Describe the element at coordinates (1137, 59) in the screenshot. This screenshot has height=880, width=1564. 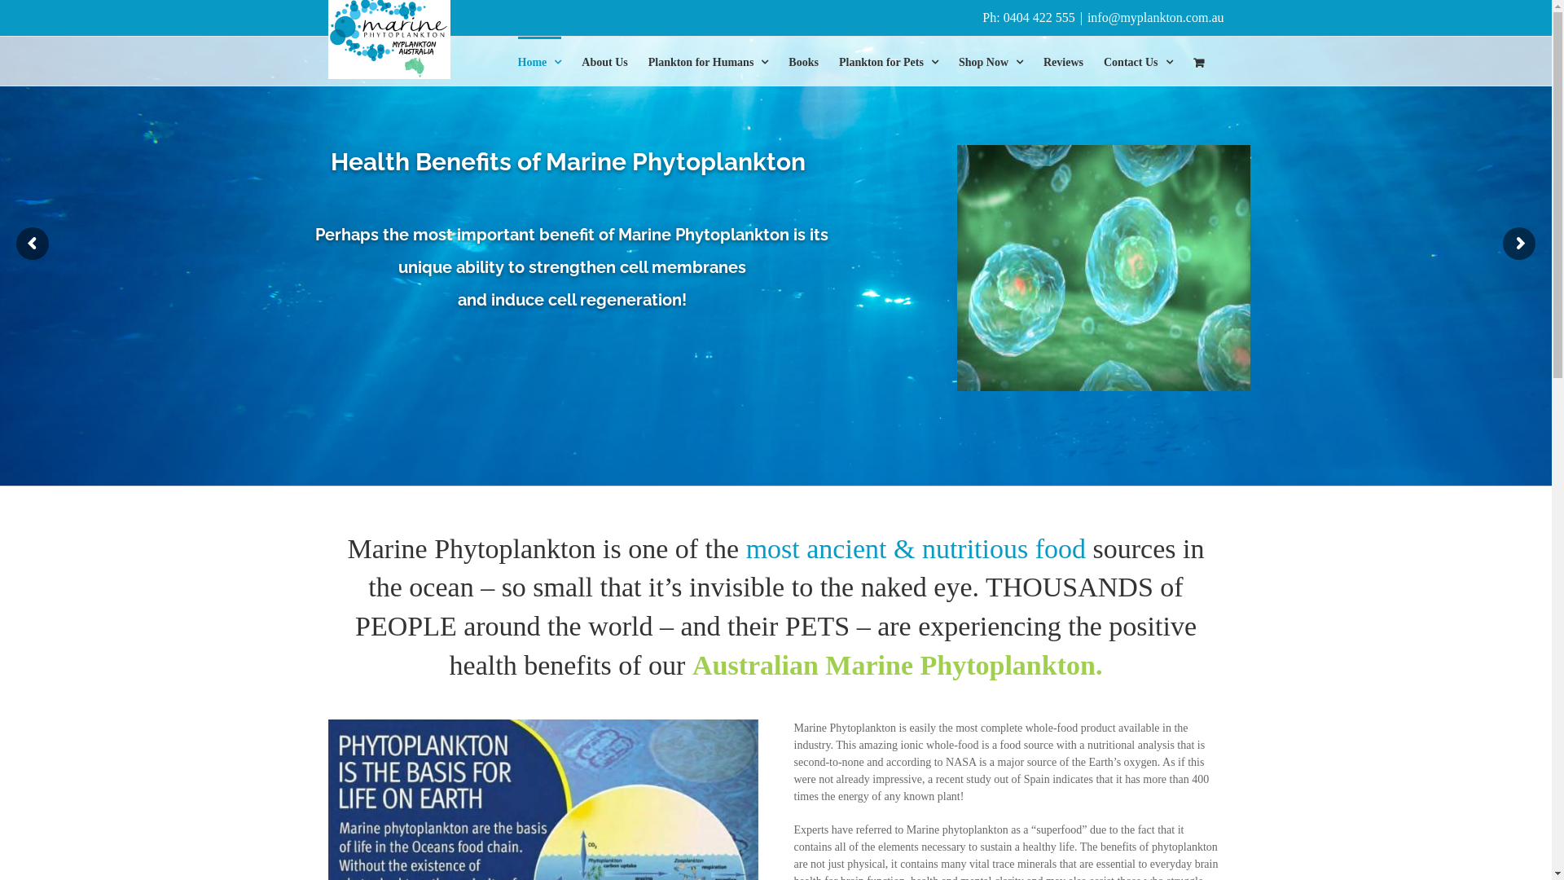
I see `'Contact Us'` at that location.